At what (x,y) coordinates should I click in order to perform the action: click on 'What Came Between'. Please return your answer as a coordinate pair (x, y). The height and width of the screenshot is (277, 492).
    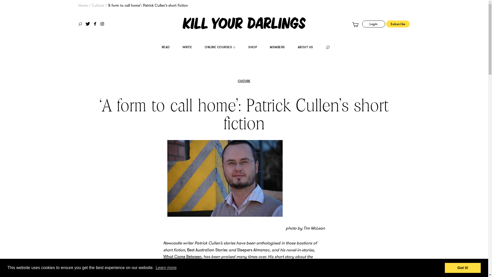
    Looking at the image, I should click on (182, 256).